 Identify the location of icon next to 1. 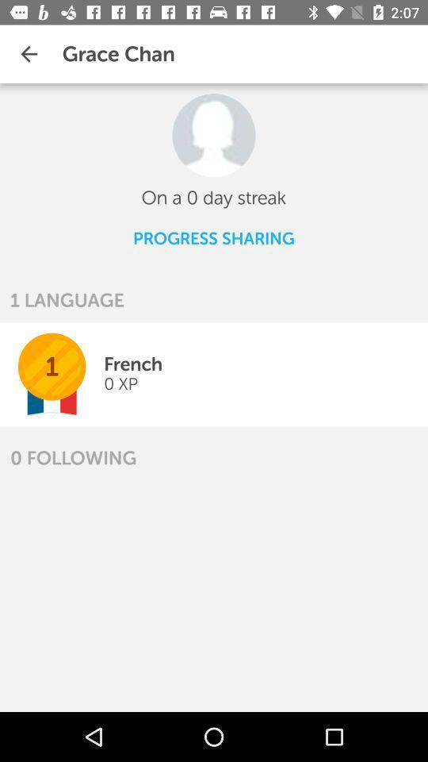
(120, 383).